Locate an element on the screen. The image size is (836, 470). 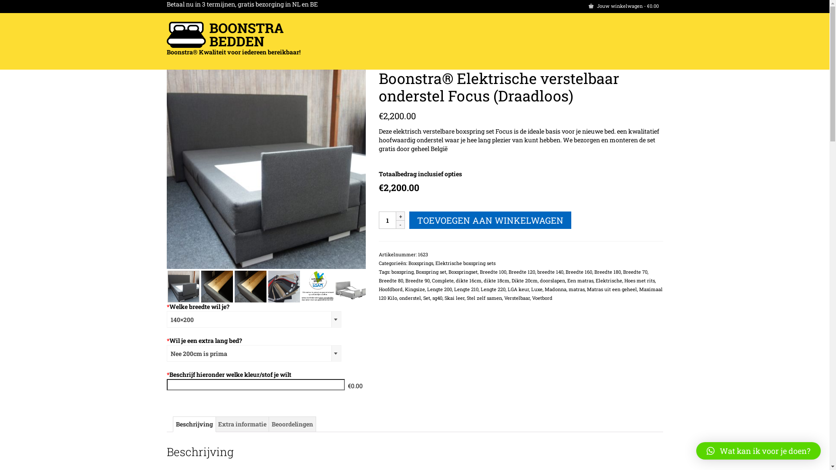
'breedte 140' is located at coordinates (549, 271).